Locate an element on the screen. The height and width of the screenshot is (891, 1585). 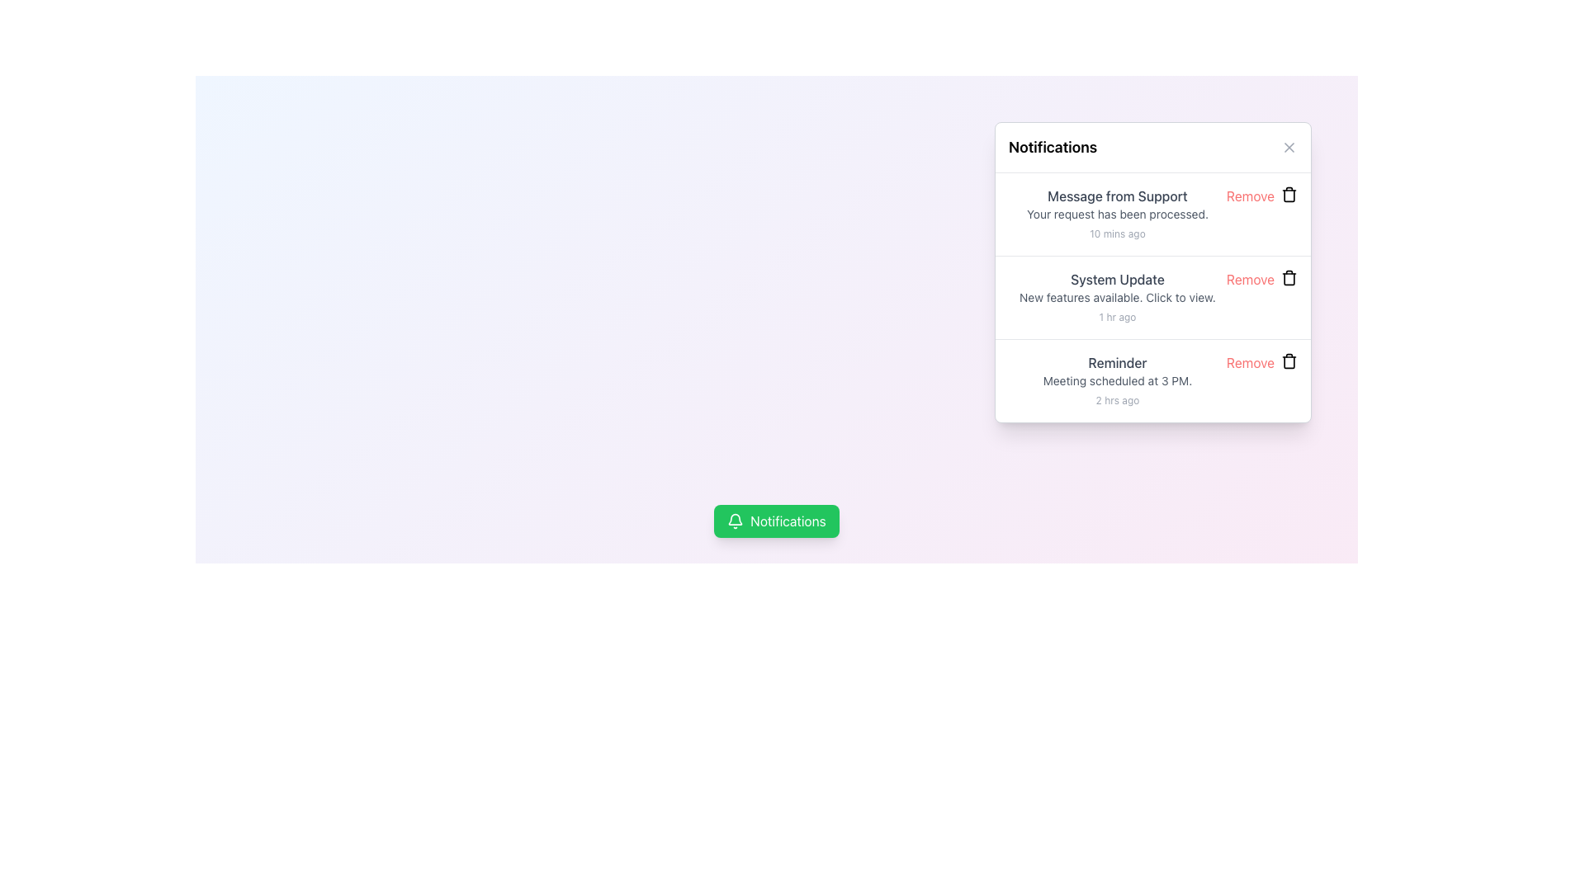
the first notification item in the notifications list, which displays a title in medium-weight dark gray font, a message body in smaller light gray font, and a timestamp in tiny even lighter gray font is located at coordinates (1117, 213).